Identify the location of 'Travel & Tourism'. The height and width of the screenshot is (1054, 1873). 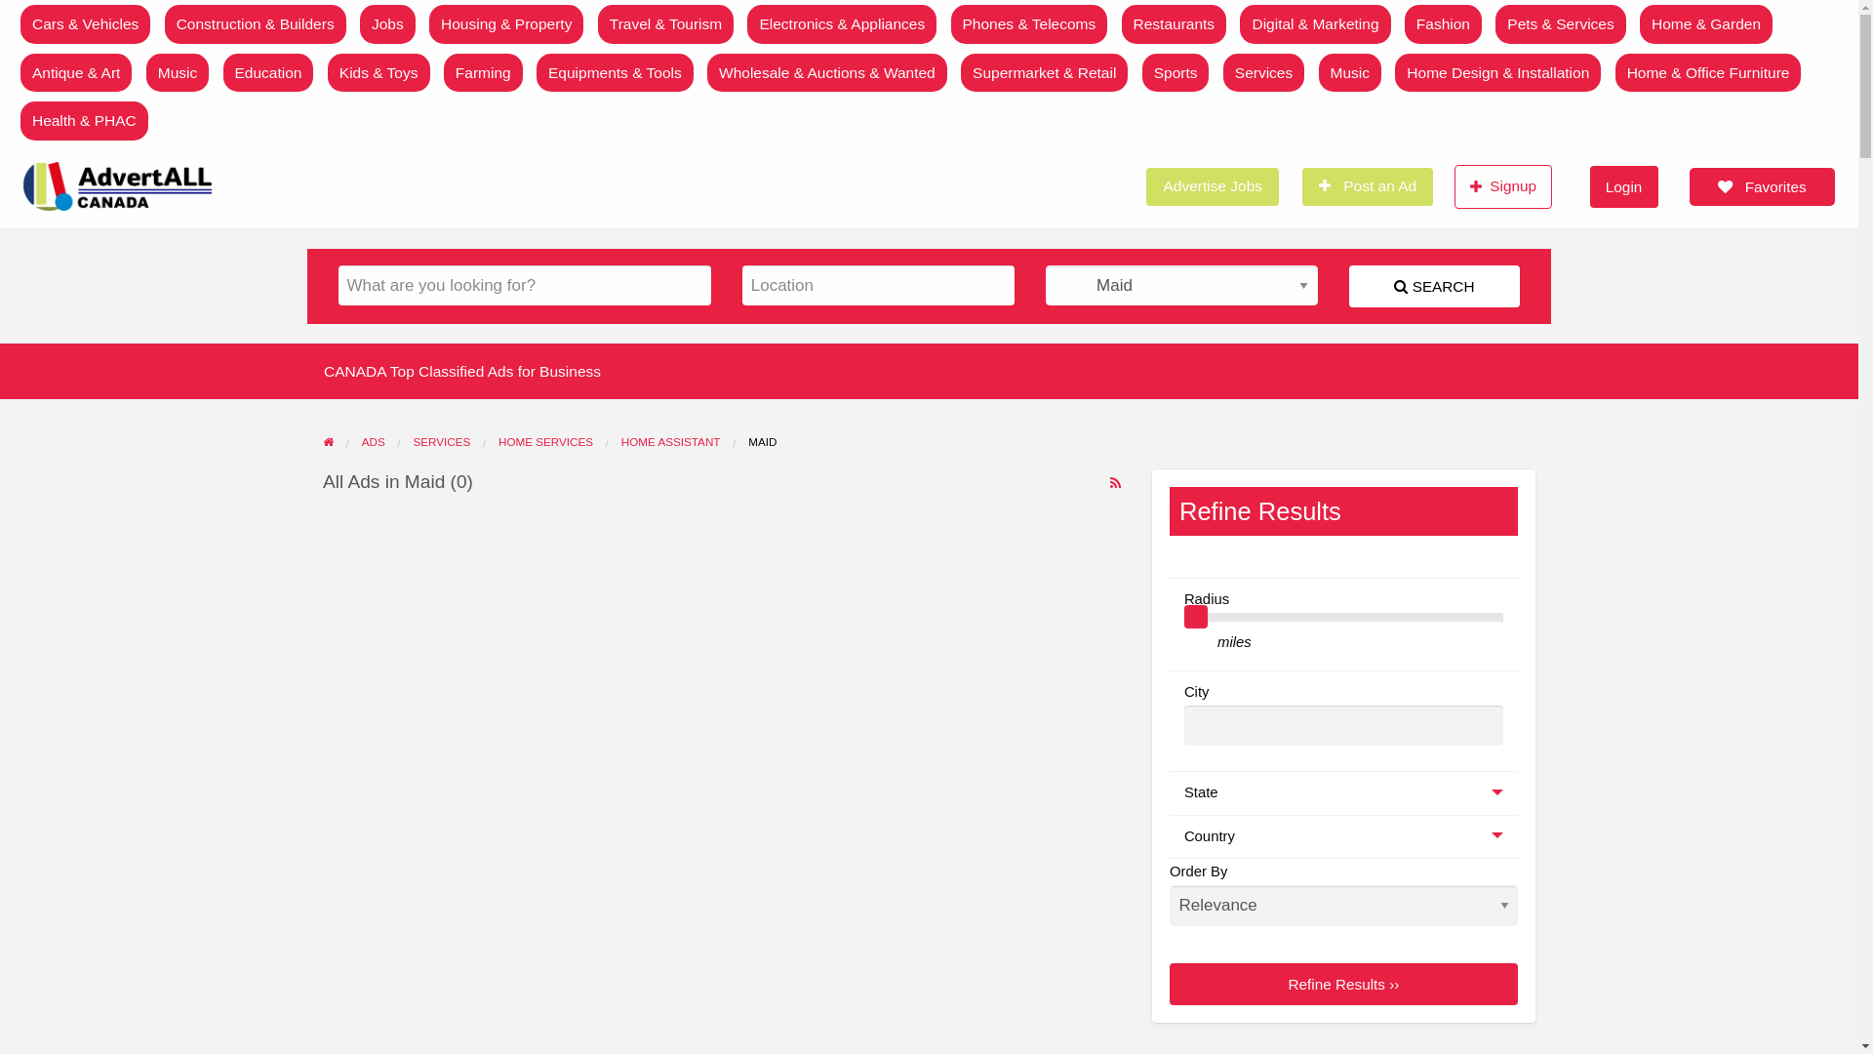
(665, 23).